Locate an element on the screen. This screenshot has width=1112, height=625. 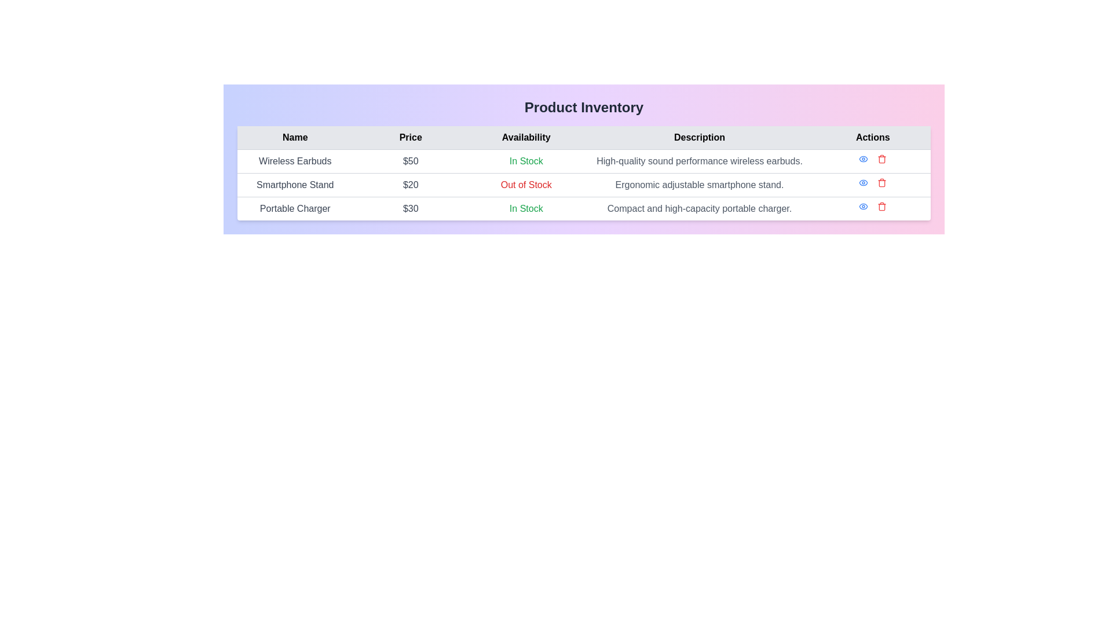
the 'Availability' column header in the table, which is the third header between 'Price' and 'Description' is located at coordinates (525, 137).